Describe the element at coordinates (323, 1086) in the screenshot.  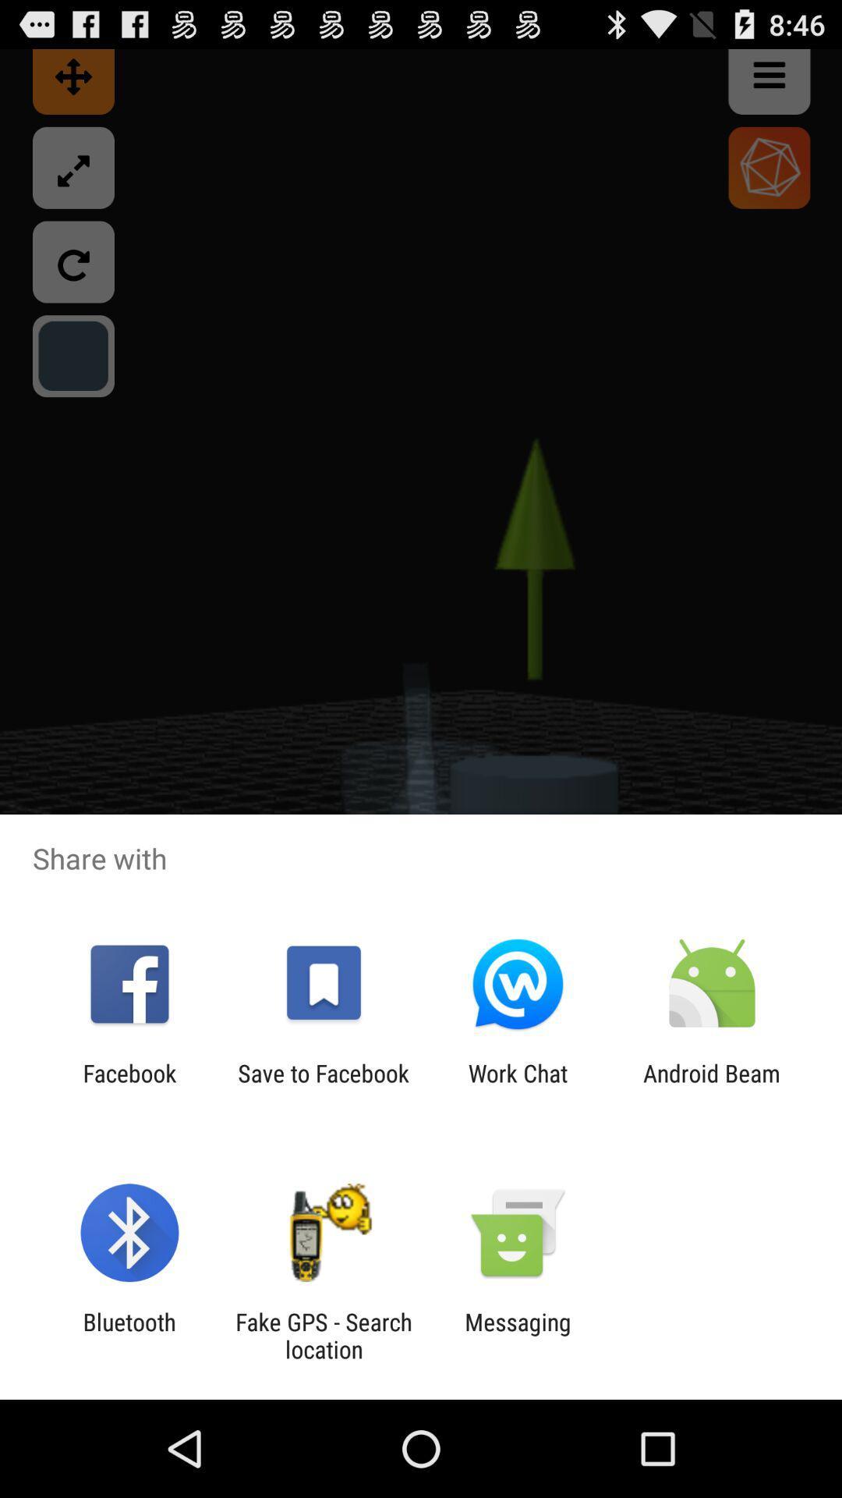
I see `app to the left of work chat` at that location.